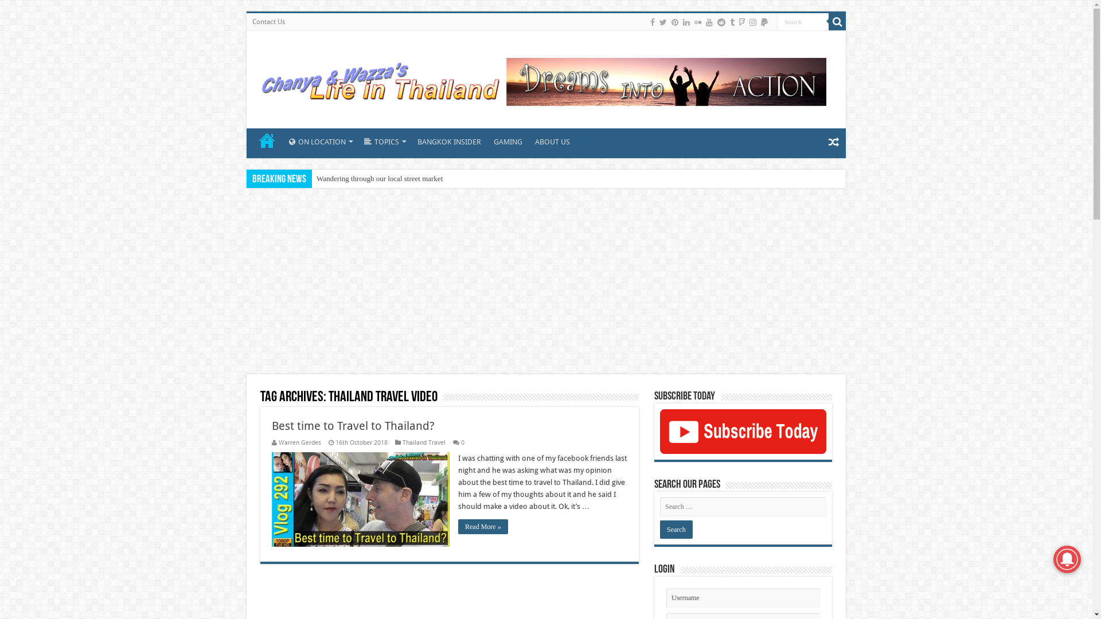 This screenshot has height=619, width=1101. What do you see at coordinates (448, 140) in the screenshot?
I see `'BANGKOK INSIDER'` at bounding box center [448, 140].